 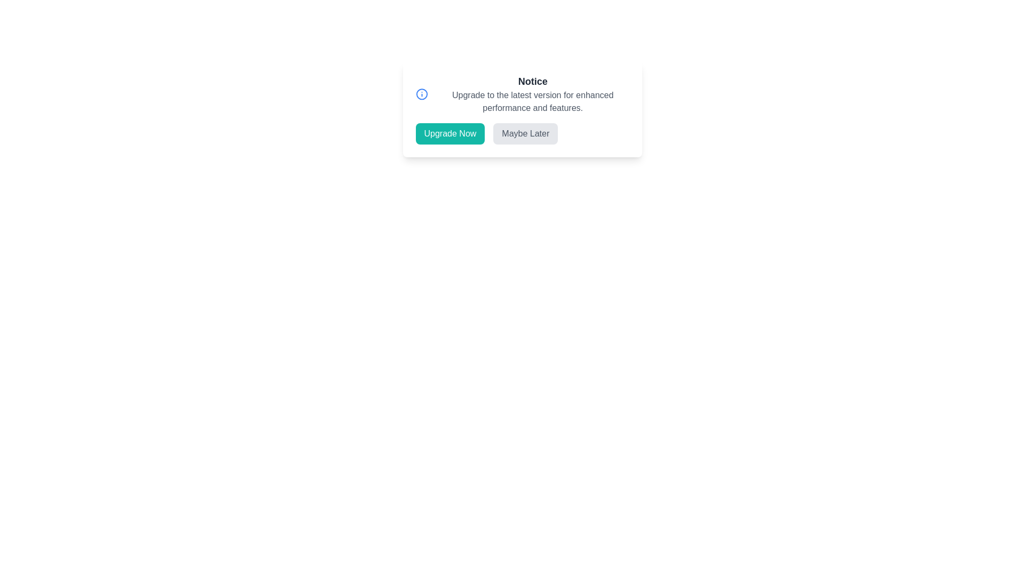 I want to click on the header label located centrally at the top of the card interface, which draws attention to the notification about upgrading to the latest version, so click(x=533, y=81).